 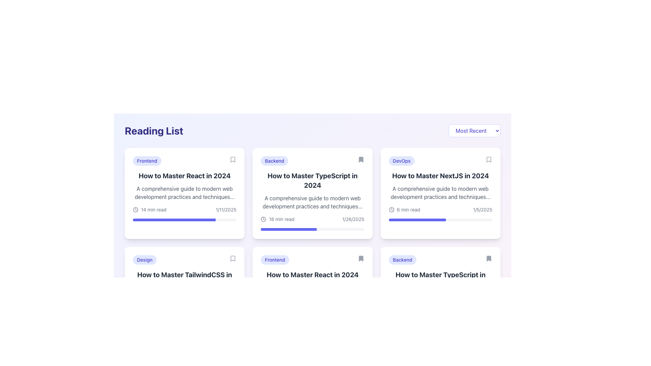 What do you see at coordinates (408, 209) in the screenshot?
I see `the Text label displaying the estimated reading time for the article titled 'How to Master NextJS in 2024,' located in the top-right section of the card under the heading 'DevOps.'` at bounding box center [408, 209].